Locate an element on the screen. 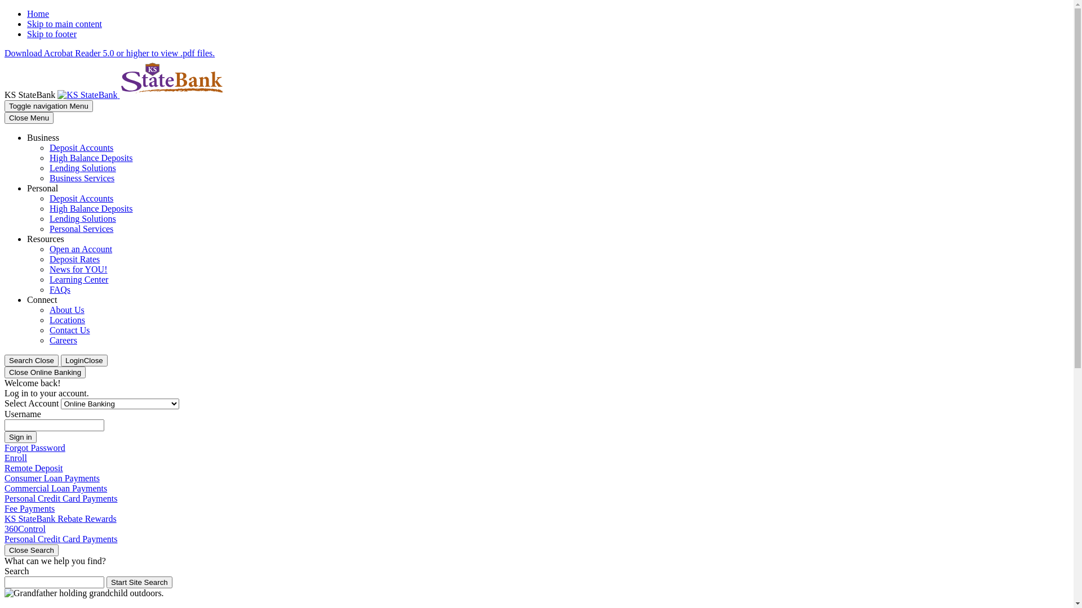 Image resolution: width=1082 pixels, height=608 pixels. 'Learning Center' is located at coordinates (78, 279).